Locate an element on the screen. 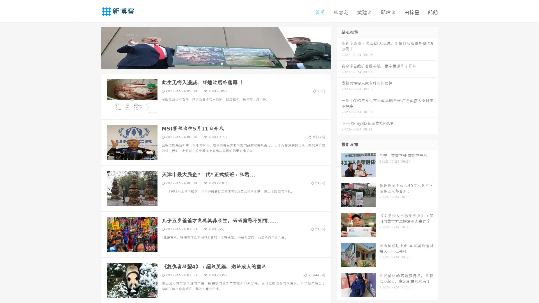 Image resolution: width=539 pixels, height=303 pixels. Go to slide 1 is located at coordinates (210, 63).